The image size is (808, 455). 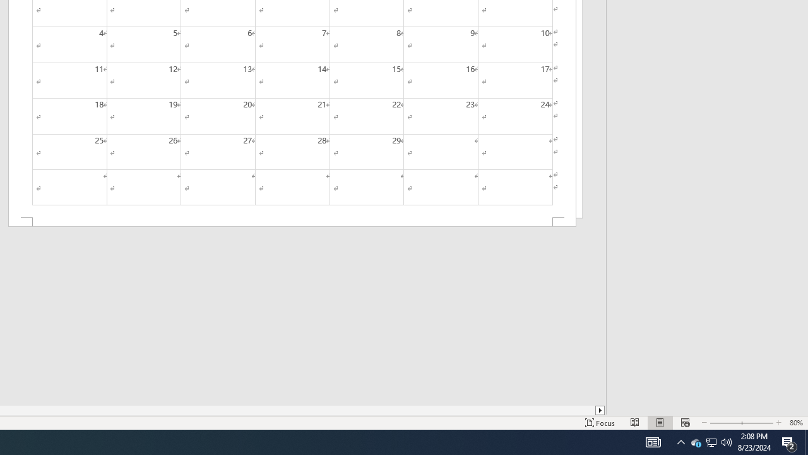 I want to click on 'Web Layout', so click(x=685, y=423).